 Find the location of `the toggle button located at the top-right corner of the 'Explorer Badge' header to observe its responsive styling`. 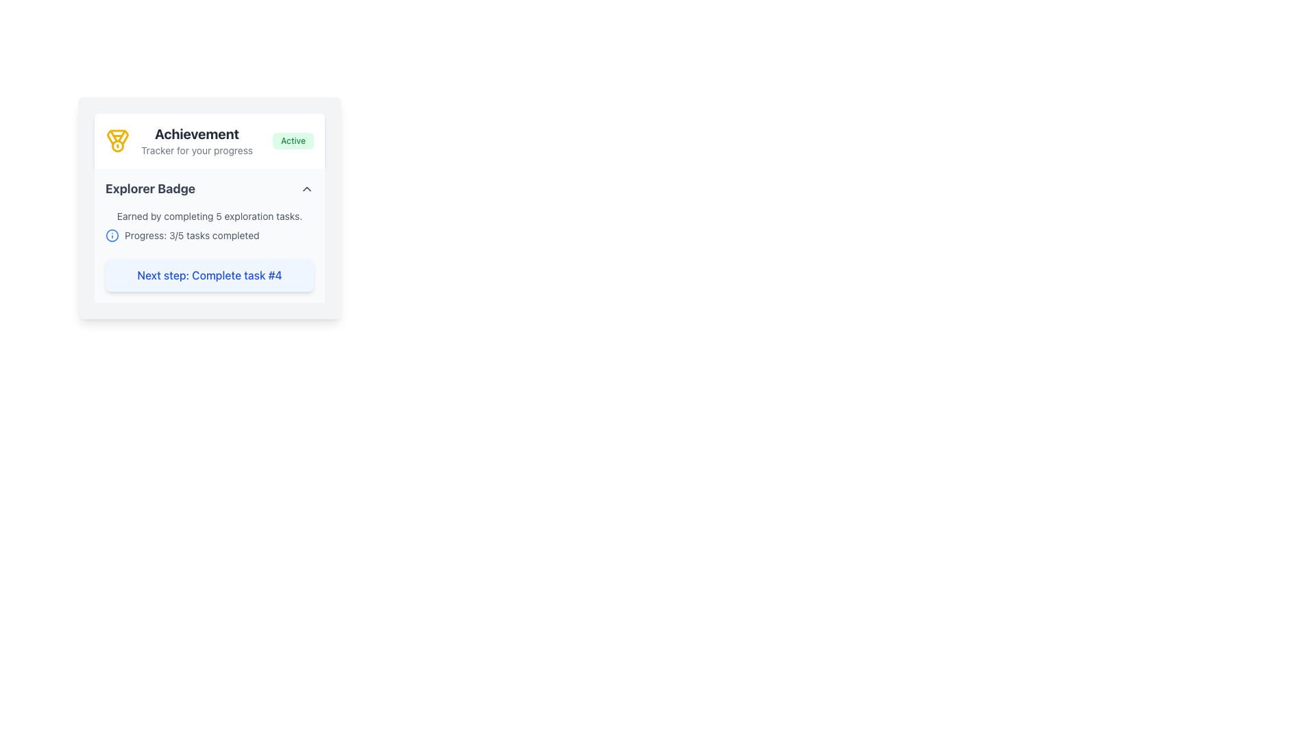

the toggle button located at the top-right corner of the 'Explorer Badge' header to observe its responsive styling is located at coordinates (306, 189).